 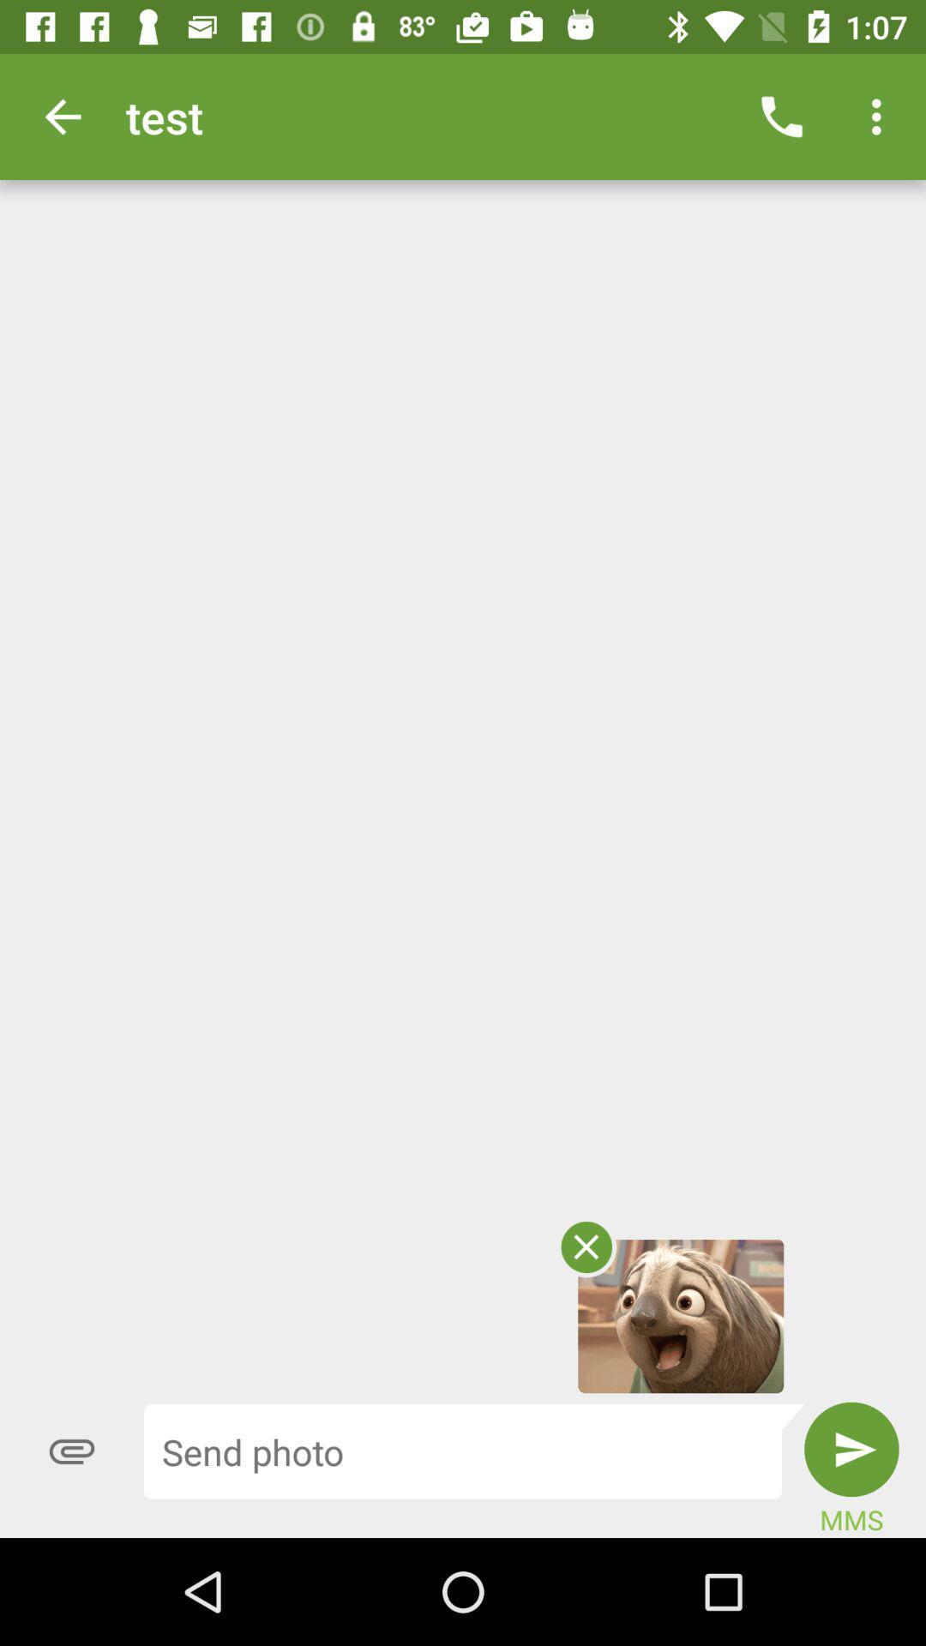 What do you see at coordinates (851, 1448) in the screenshot?
I see `item above mms item` at bounding box center [851, 1448].